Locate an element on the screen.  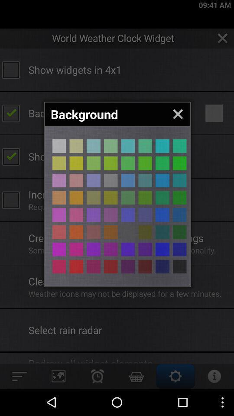
the button is used to color option is located at coordinates (110, 162).